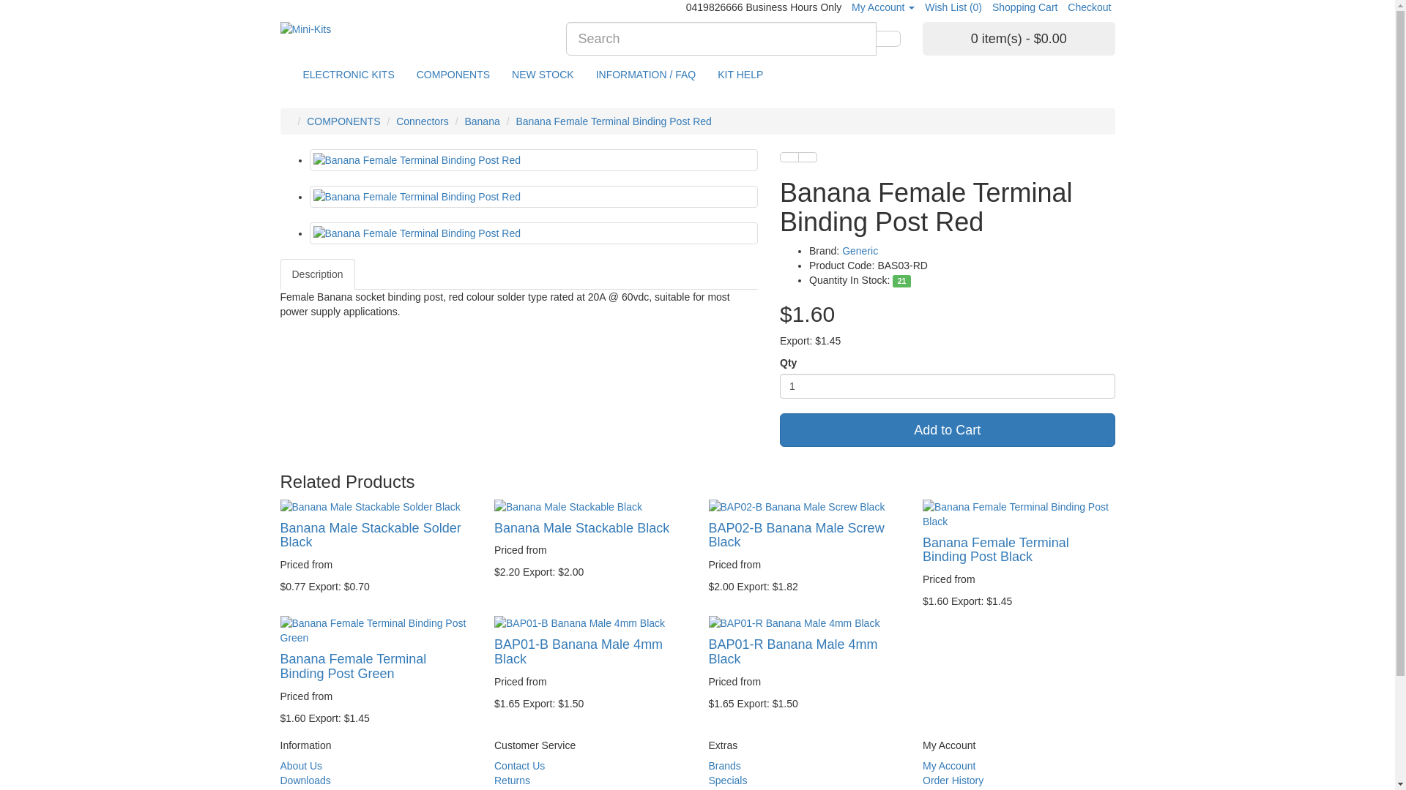 This screenshot has height=790, width=1406. What do you see at coordinates (376, 506) in the screenshot?
I see `'Banana Male Stackable Solder Black'` at bounding box center [376, 506].